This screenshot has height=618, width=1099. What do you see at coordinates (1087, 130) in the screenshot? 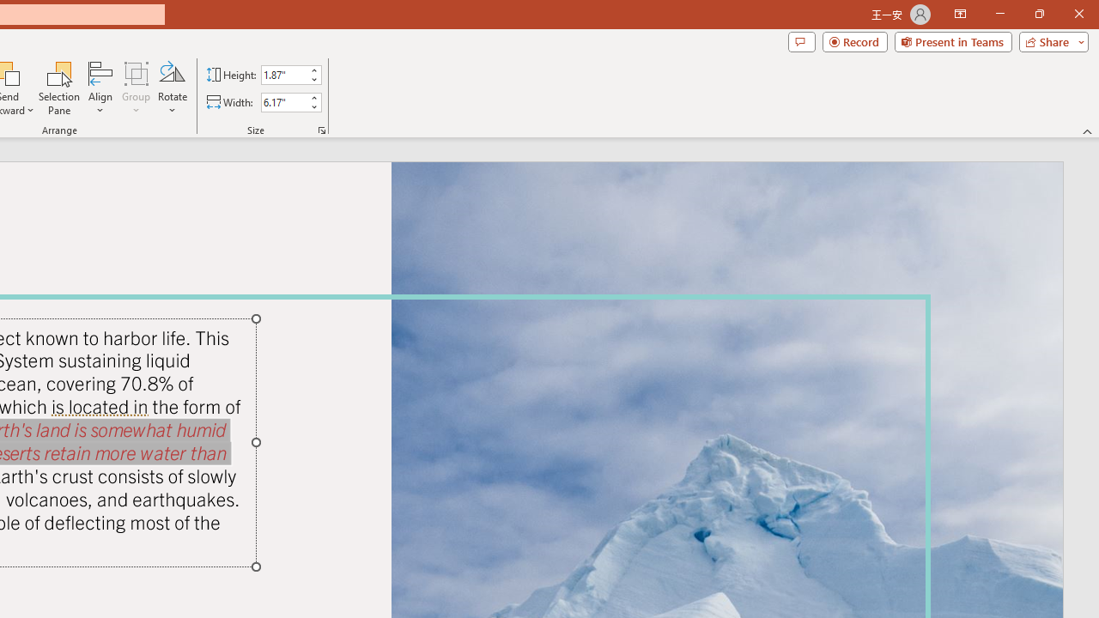
I see `'Collapse the Ribbon'` at bounding box center [1087, 130].